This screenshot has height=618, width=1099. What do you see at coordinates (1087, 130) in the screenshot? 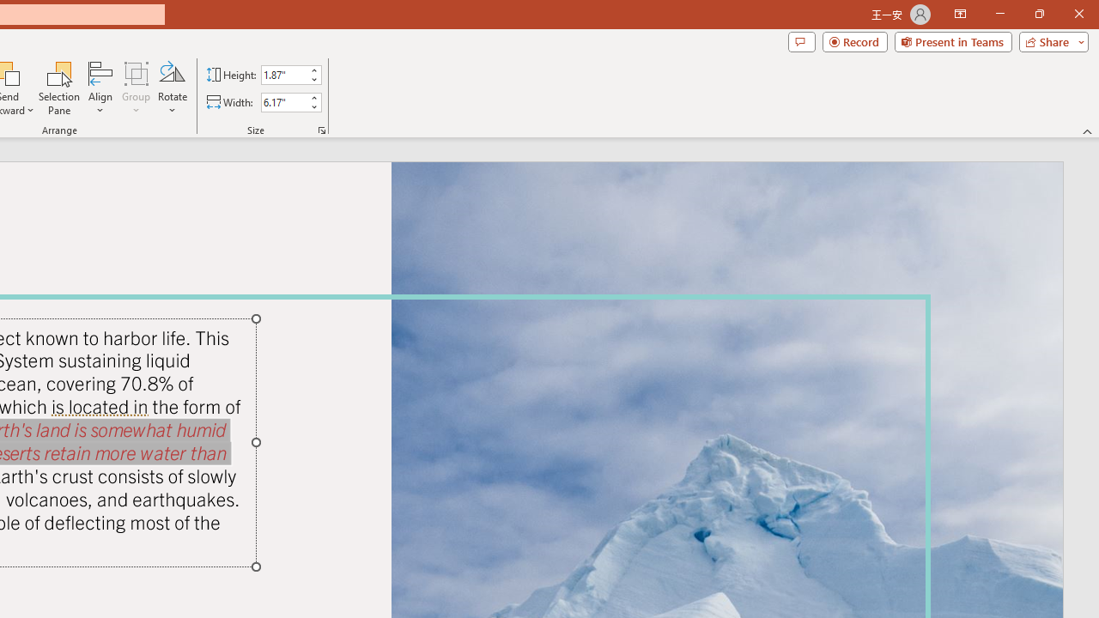
I see `'Collapse the Ribbon'` at bounding box center [1087, 130].